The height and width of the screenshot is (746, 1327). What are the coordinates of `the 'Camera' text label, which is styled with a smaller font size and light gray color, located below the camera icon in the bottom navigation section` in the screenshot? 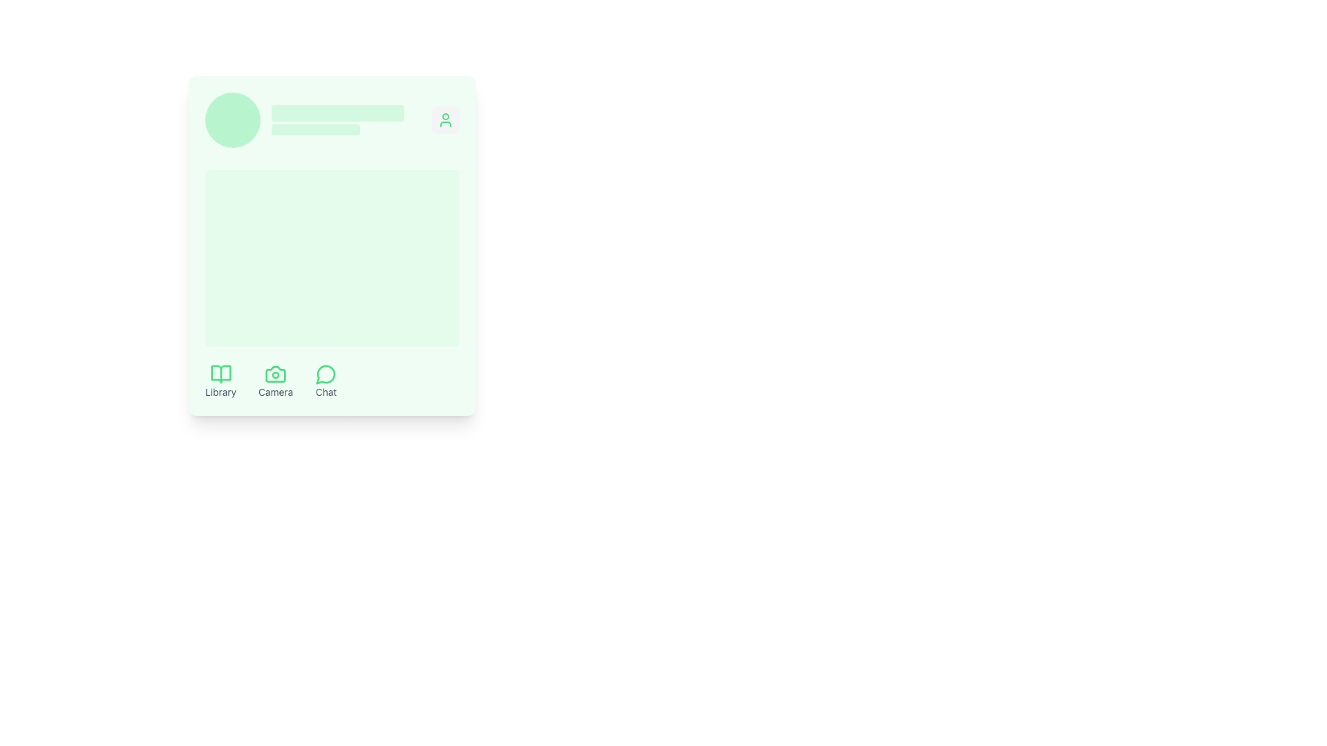 It's located at (275, 392).